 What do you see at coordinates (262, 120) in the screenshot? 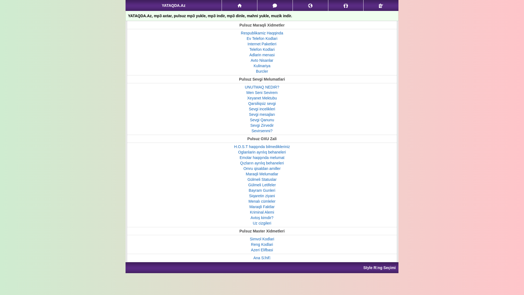
I see `'Sevgi Qanunu'` at bounding box center [262, 120].